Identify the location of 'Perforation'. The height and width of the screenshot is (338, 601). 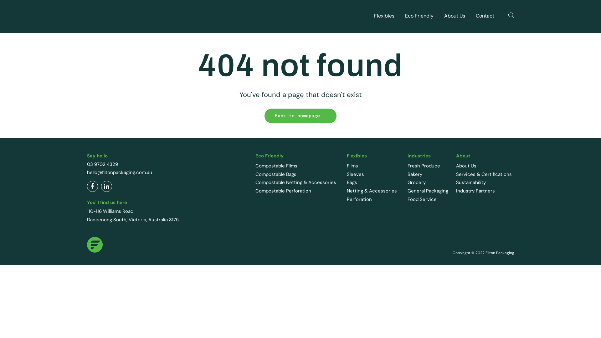
(359, 199).